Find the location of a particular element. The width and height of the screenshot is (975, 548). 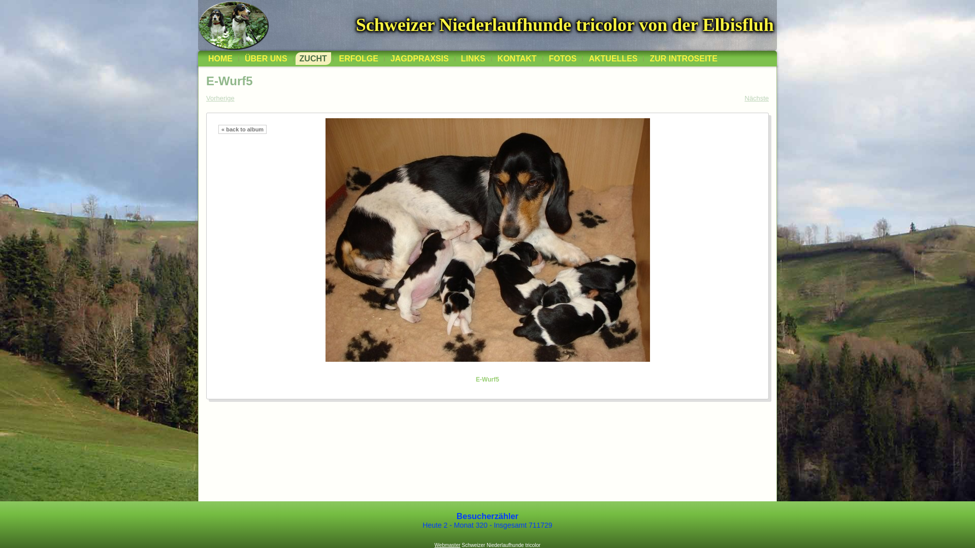

'Vorherige' is located at coordinates (206, 98).